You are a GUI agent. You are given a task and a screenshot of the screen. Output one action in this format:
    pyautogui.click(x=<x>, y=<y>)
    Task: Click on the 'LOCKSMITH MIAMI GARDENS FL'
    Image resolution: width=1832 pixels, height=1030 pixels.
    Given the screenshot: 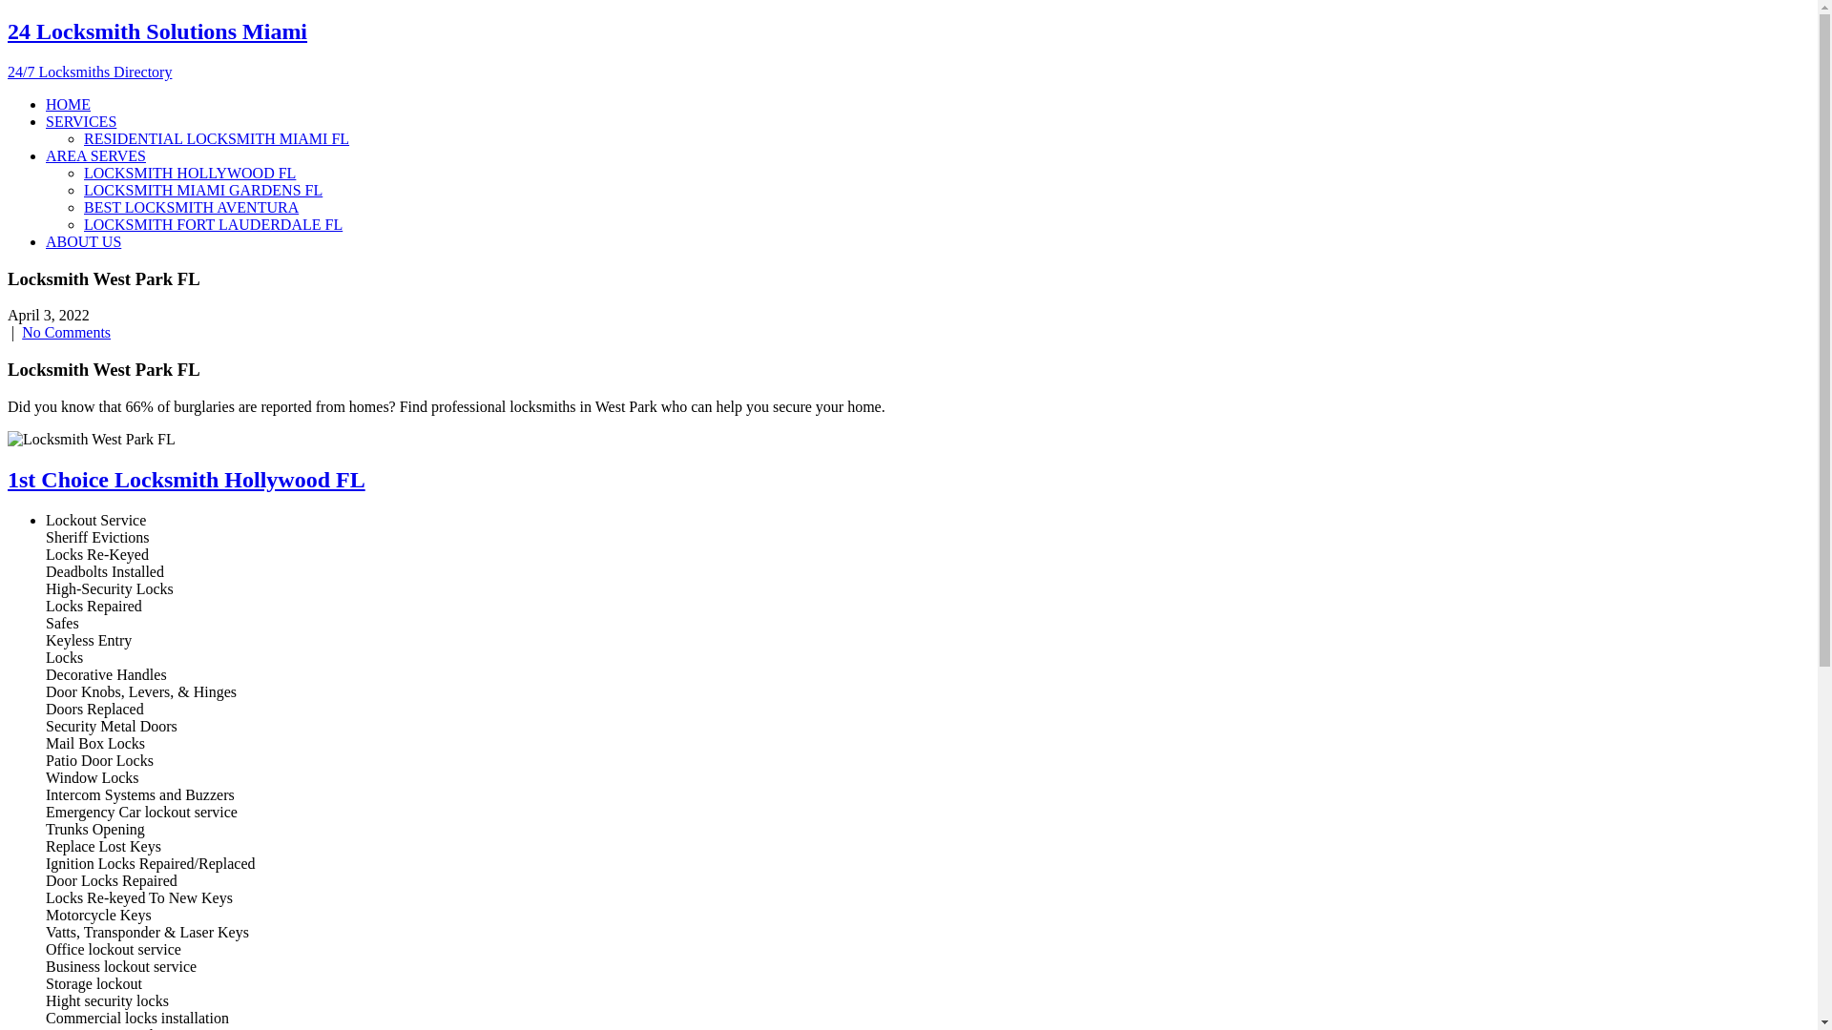 What is the action you would take?
    pyautogui.click(x=202, y=190)
    